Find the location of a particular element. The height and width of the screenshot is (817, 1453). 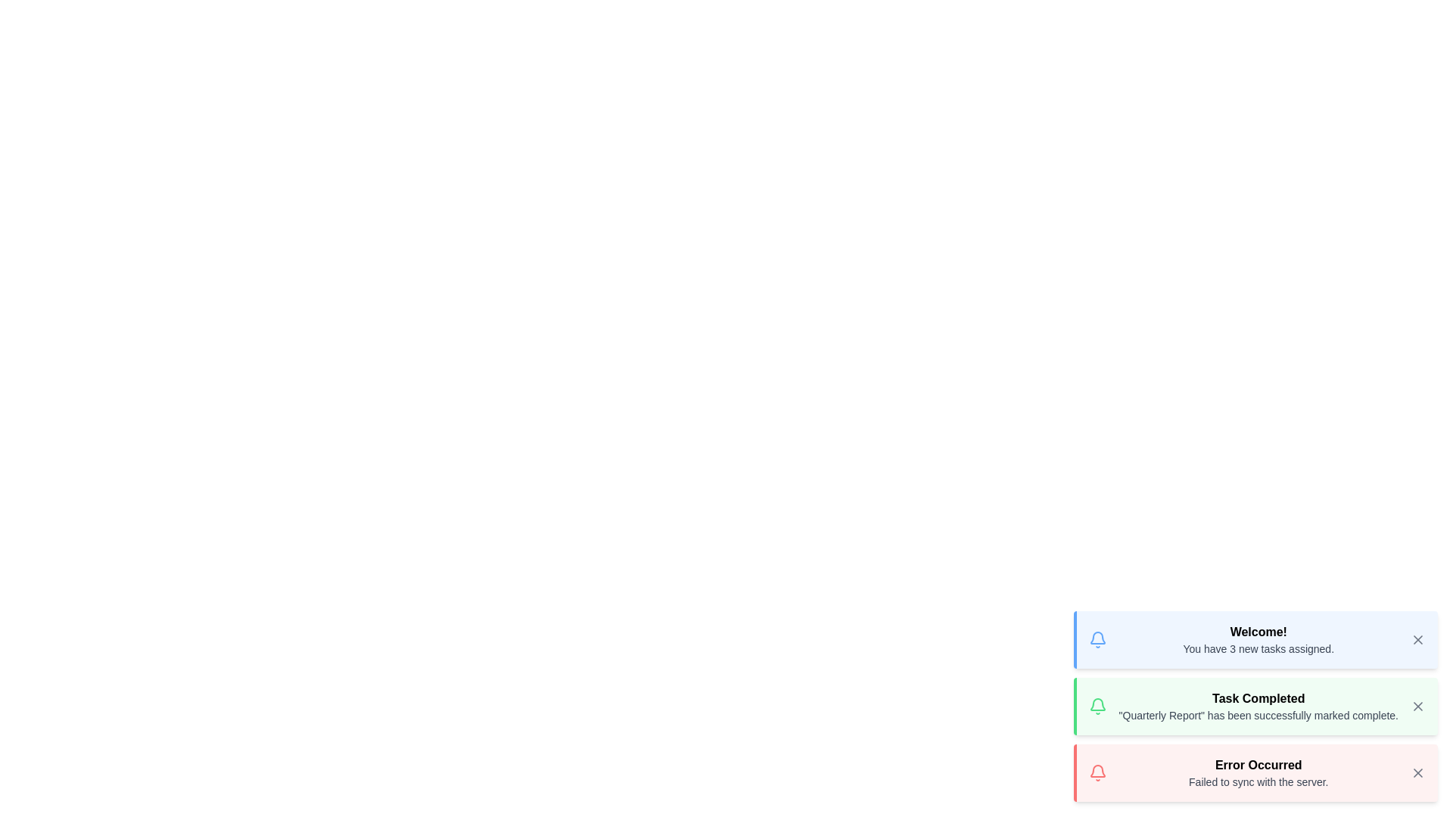

the close button SVG icon located in the upper-right corner of the 'Welcome! You have 3 new tasks assigned.' notification card is located at coordinates (1417, 639).